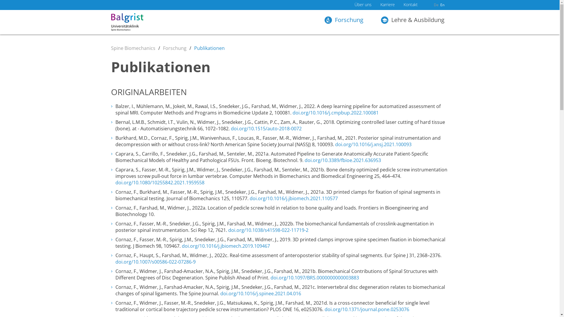 This screenshot has width=564, height=317. What do you see at coordinates (228, 230) in the screenshot?
I see `'doi.org/10.1038/s41598-022-11719-2'` at bounding box center [228, 230].